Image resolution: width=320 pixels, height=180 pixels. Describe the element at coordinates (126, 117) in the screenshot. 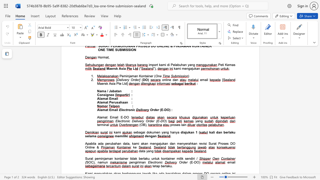

I see `the space between the continuous character "D" and "O" in the text` at that location.